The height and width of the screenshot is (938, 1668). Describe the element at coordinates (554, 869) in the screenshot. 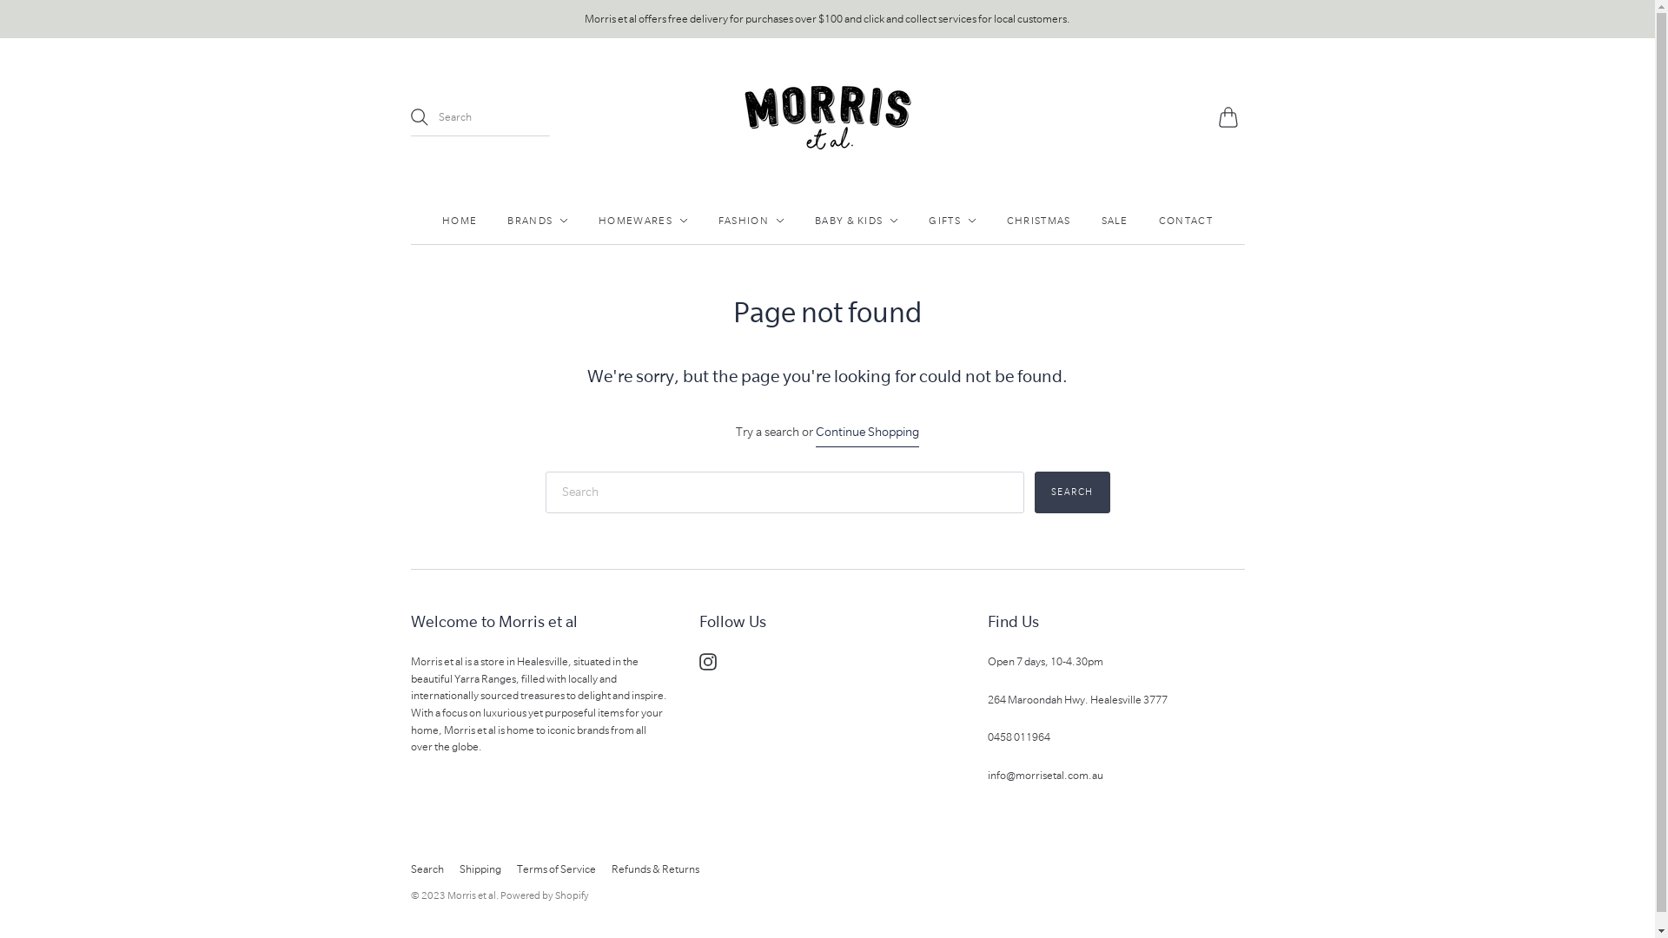

I see `'Terms of Service'` at that location.